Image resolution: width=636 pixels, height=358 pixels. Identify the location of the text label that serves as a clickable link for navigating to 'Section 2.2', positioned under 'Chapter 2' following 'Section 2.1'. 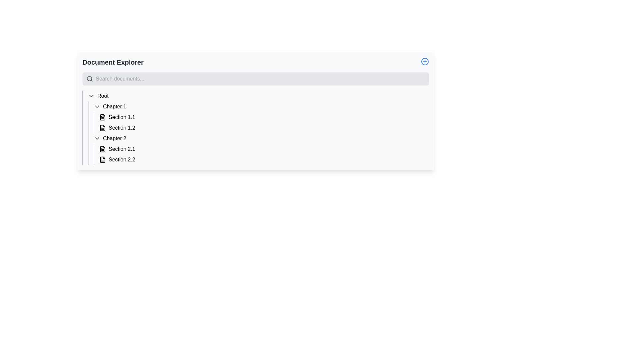
(122, 160).